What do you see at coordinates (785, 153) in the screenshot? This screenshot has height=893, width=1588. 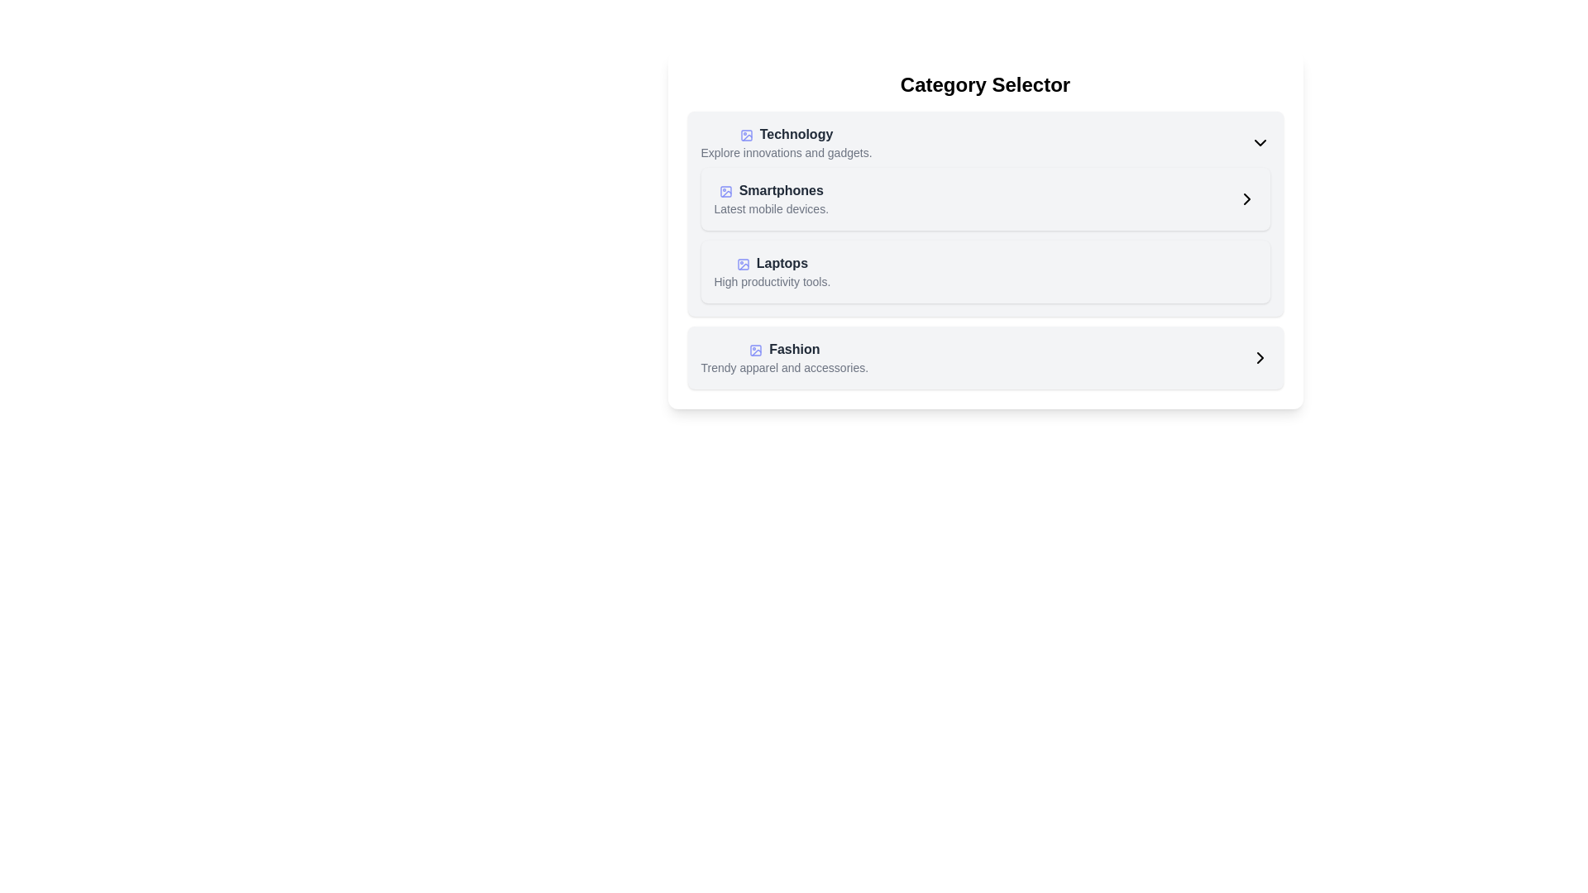 I see `the text label providing additional context for the 'Technology' category, situated below the 'Technology' title and icon` at bounding box center [785, 153].